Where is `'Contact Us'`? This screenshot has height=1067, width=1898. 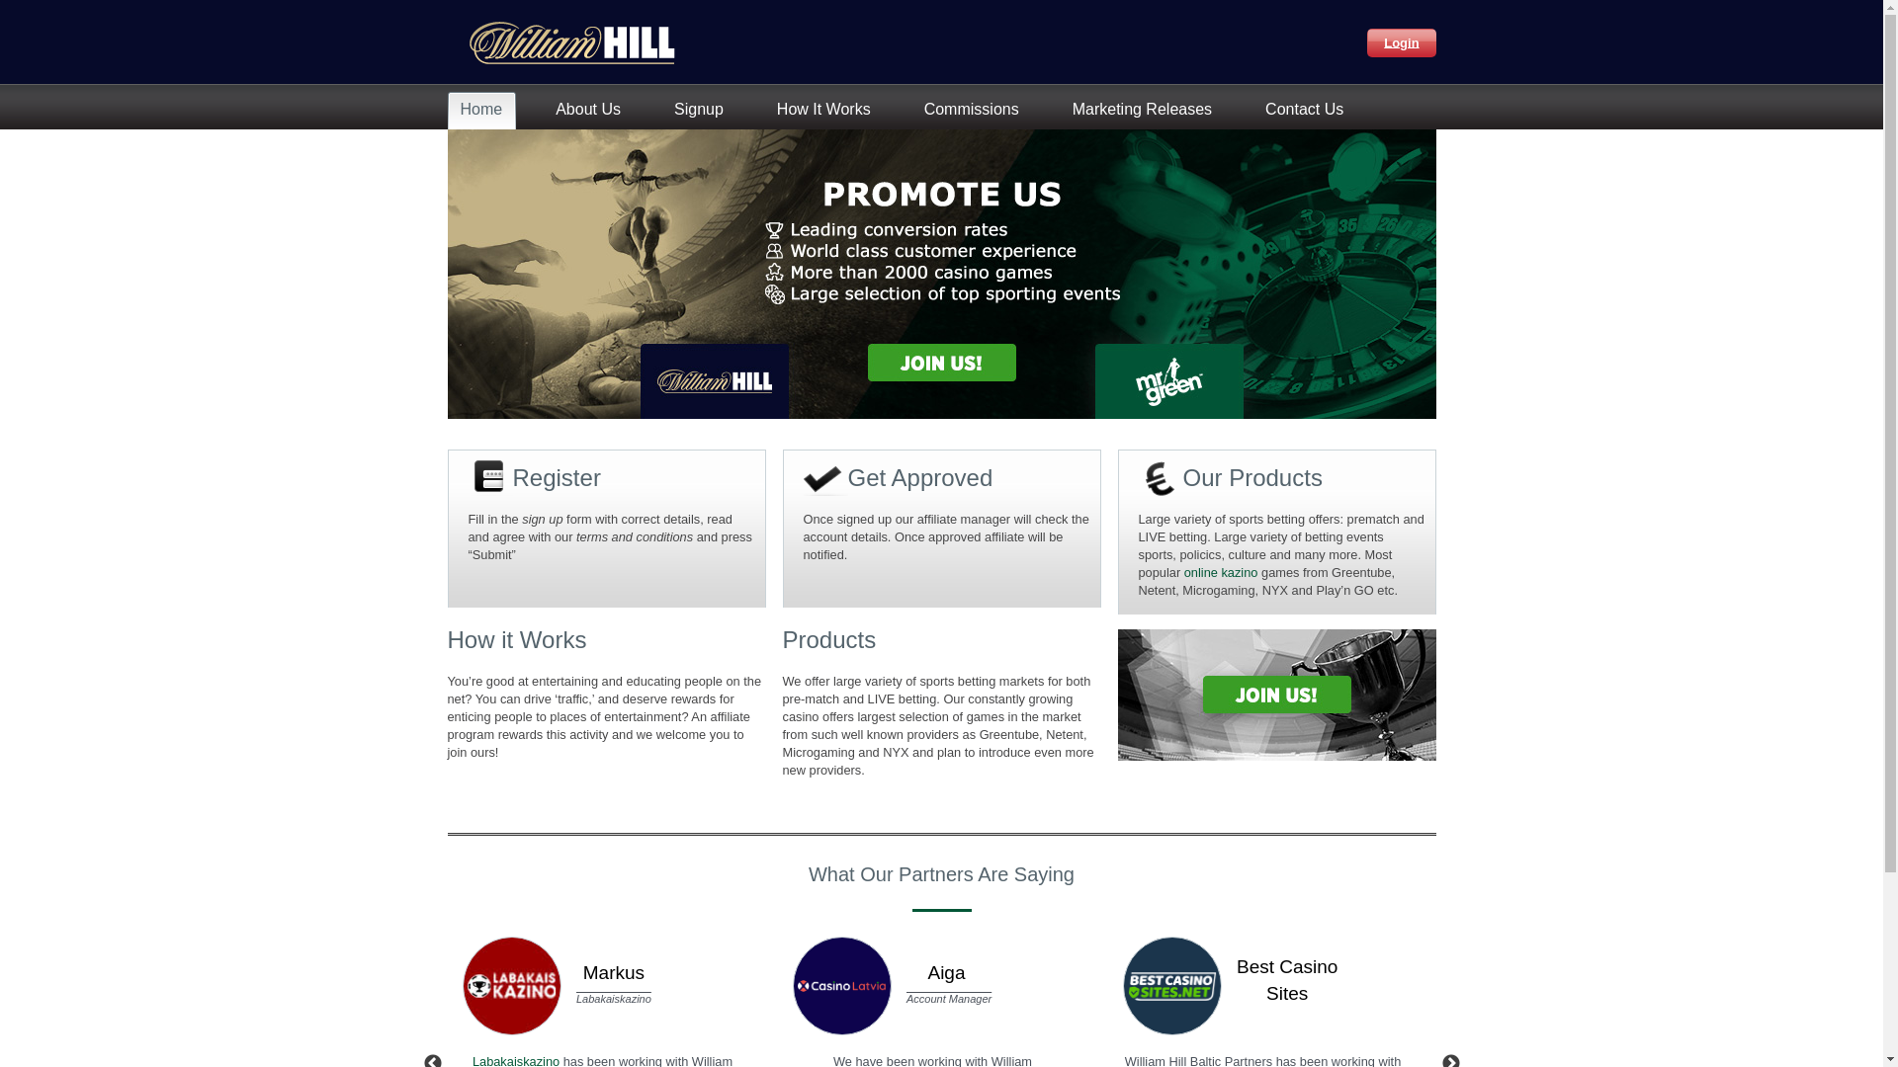 'Contact Us' is located at coordinates (1309, 110).